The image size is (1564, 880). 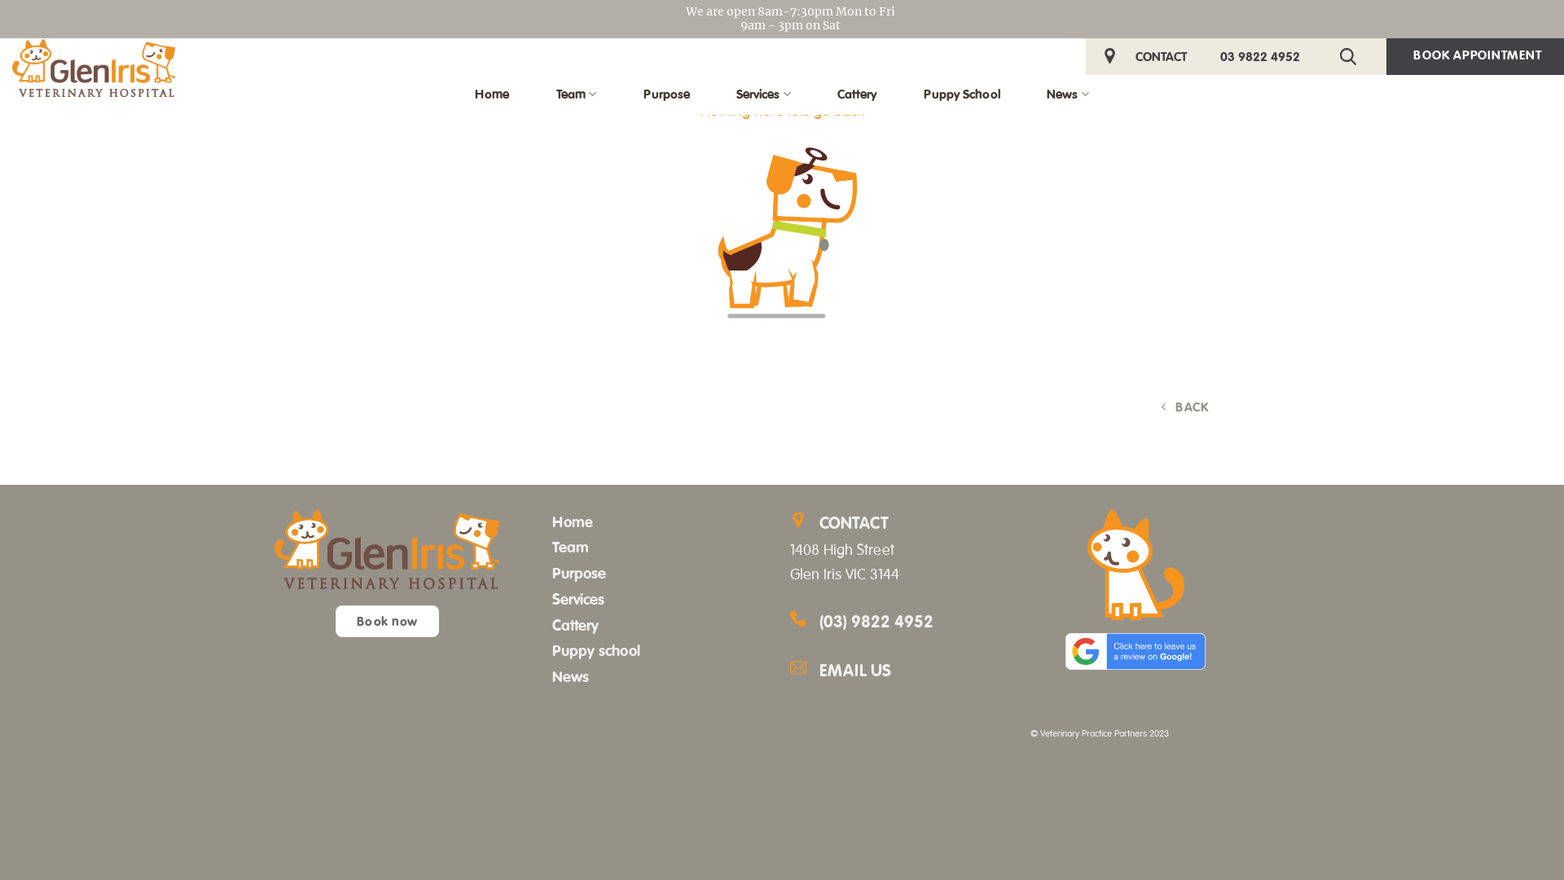 What do you see at coordinates (1259, 55) in the screenshot?
I see `'03 9822 4952'` at bounding box center [1259, 55].